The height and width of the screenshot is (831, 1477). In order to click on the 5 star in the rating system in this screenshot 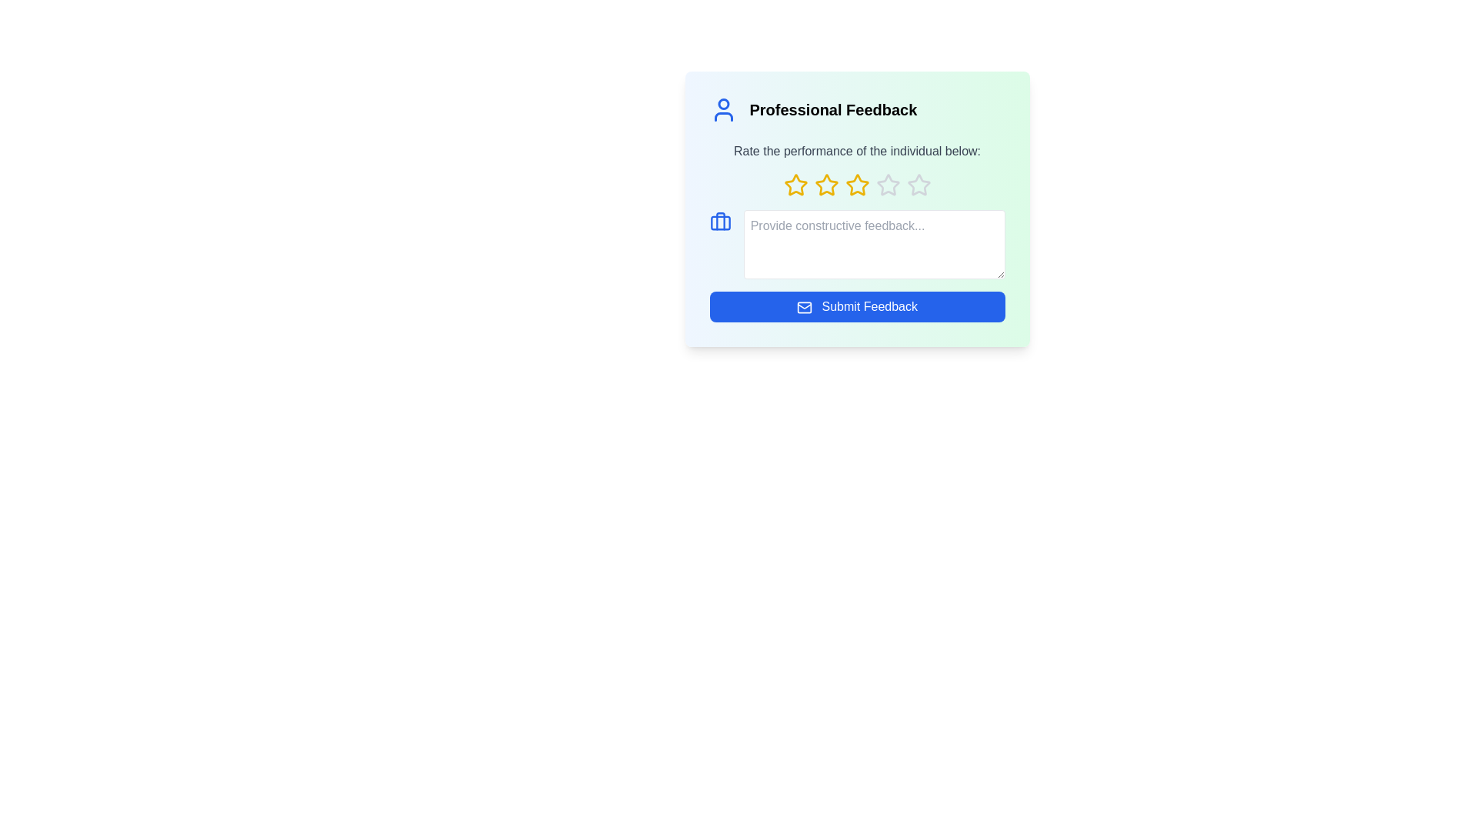, I will do `click(919, 184)`.